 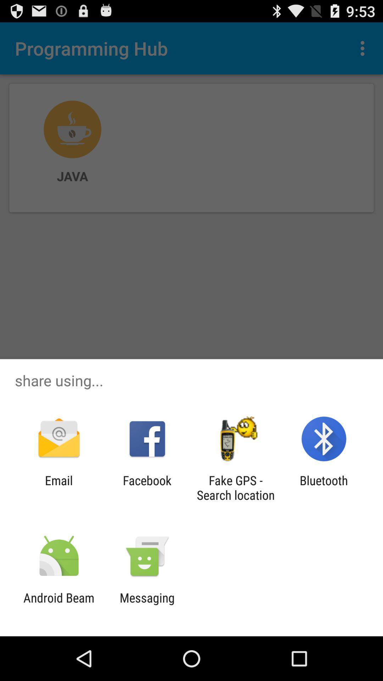 What do you see at coordinates (147, 605) in the screenshot?
I see `app next to the android beam app` at bounding box center [147, 605].